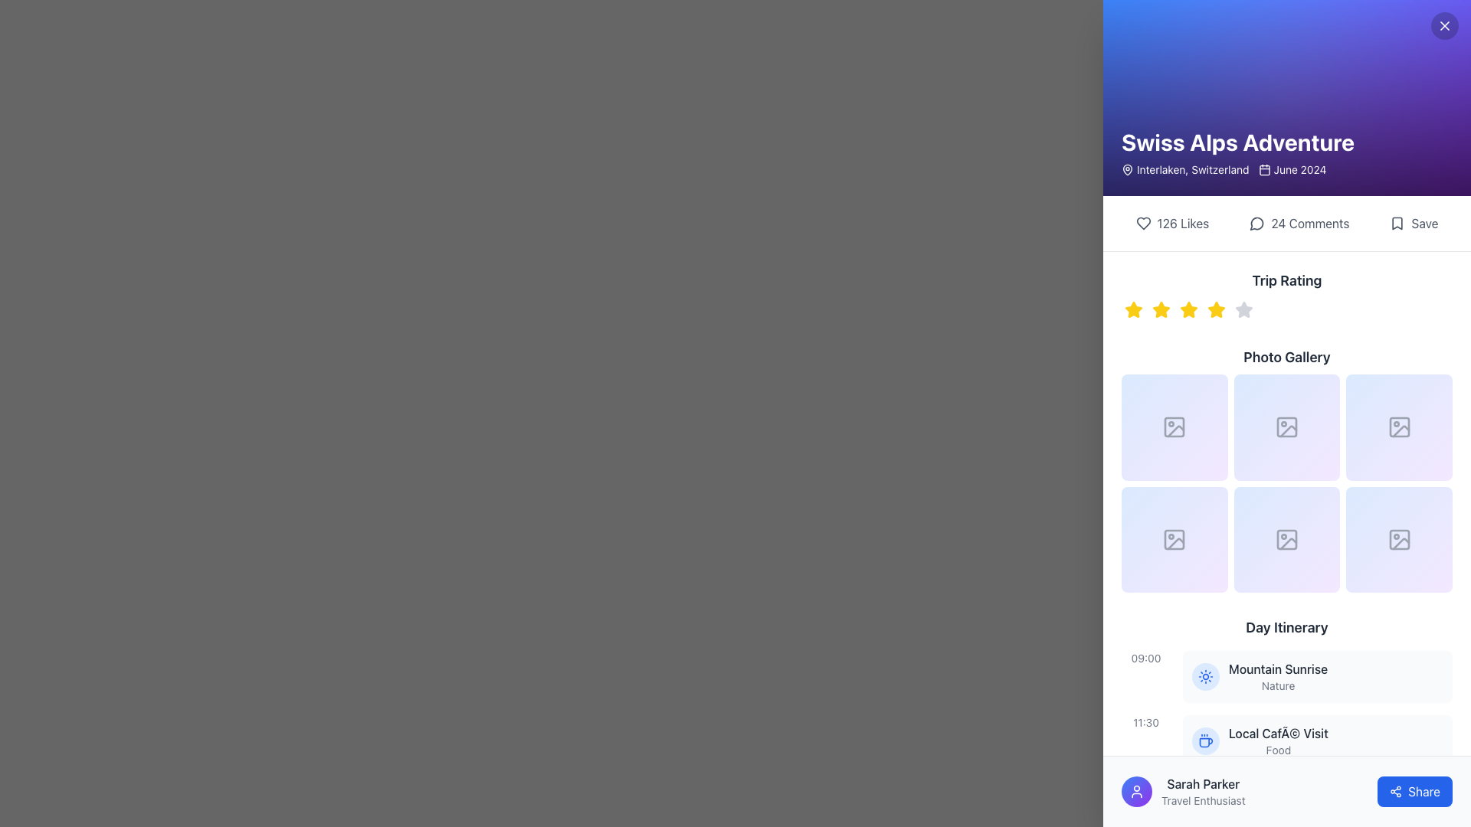 The height and width of the screenshot is (827, 1471). I want to click on the Text Label that provides context for the 'Mountain Sunrise' item in the 'Day Itinerary' section, located below the main label, so click(1278, 685).